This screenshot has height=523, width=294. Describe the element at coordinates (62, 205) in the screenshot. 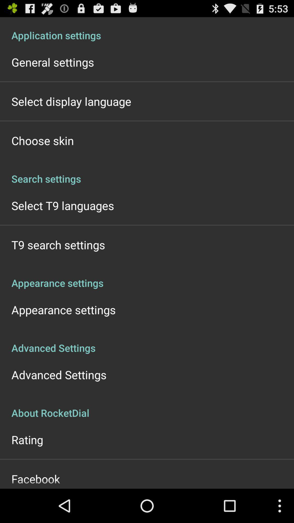

I see `the select t9 languages item` at that location.